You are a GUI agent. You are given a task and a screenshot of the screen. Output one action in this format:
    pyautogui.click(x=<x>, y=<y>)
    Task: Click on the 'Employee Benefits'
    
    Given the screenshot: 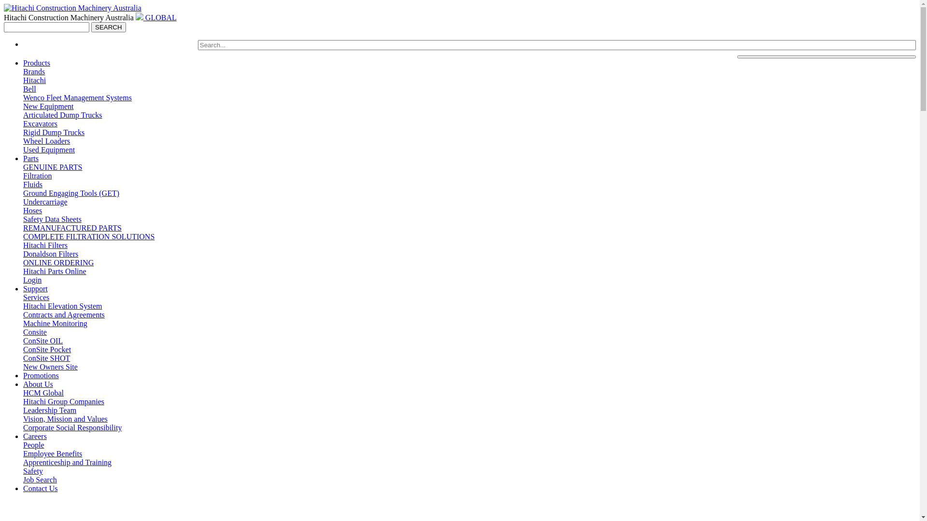 What is the action you would take?
    pyautogui.click(x=52, y=453)
    